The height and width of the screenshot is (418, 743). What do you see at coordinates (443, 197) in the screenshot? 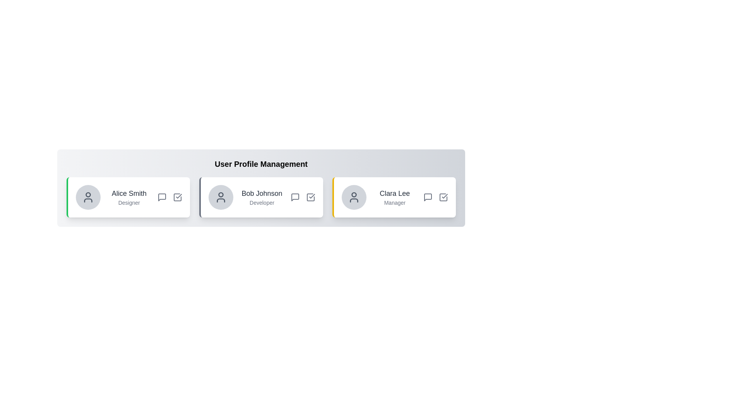
I see `the interactive icon located at the top right corner of the card for user 'Clara Lee, Manager', which indicates or toggles a checked state` at bounding box center [443, 197].